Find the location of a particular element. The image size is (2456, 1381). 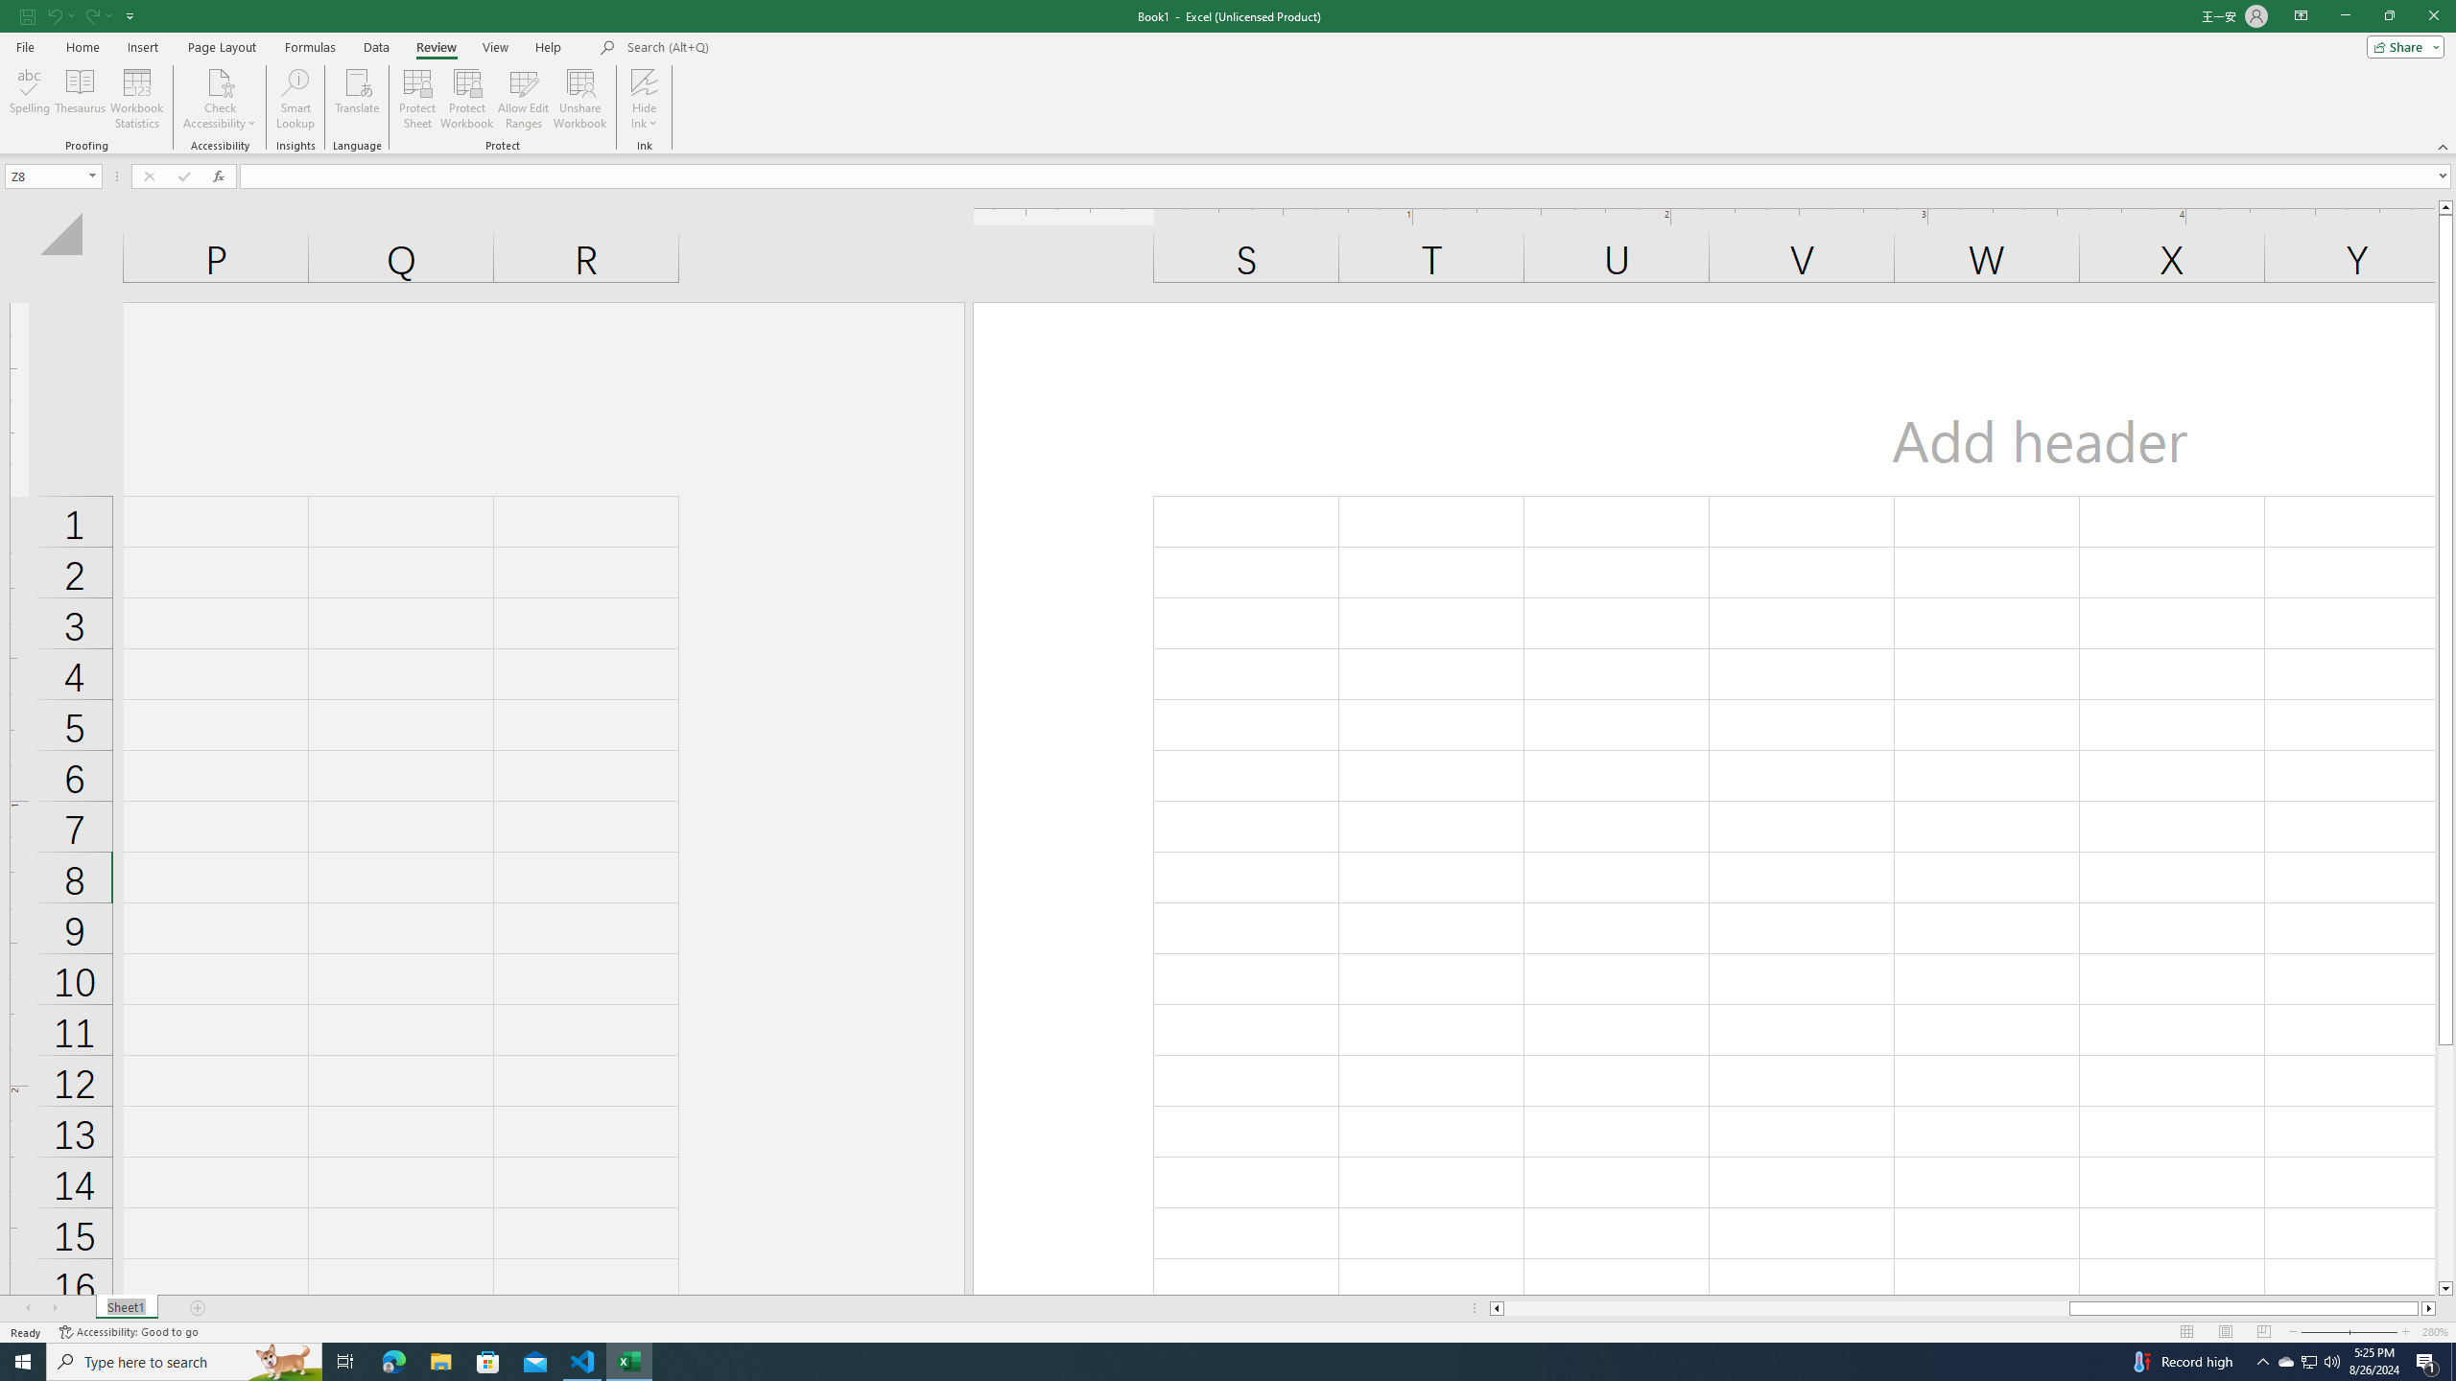

'Allow Edit Ranges' is located at coordinates (524, 99).